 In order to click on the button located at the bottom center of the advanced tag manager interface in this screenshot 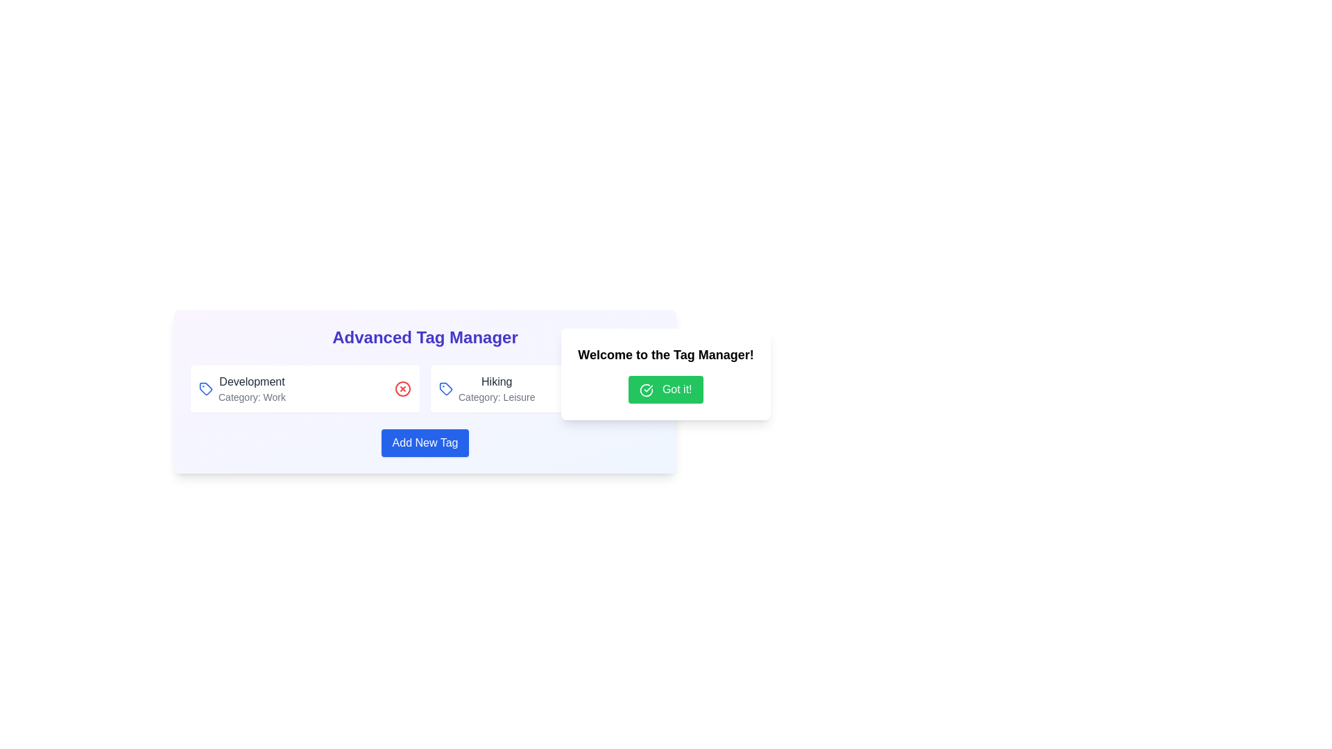, I will do `click(425, 443)`.